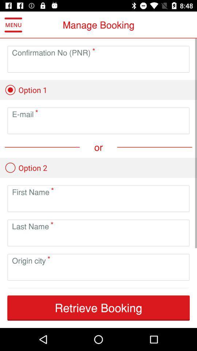  I want to click on name, so click(98, 204).